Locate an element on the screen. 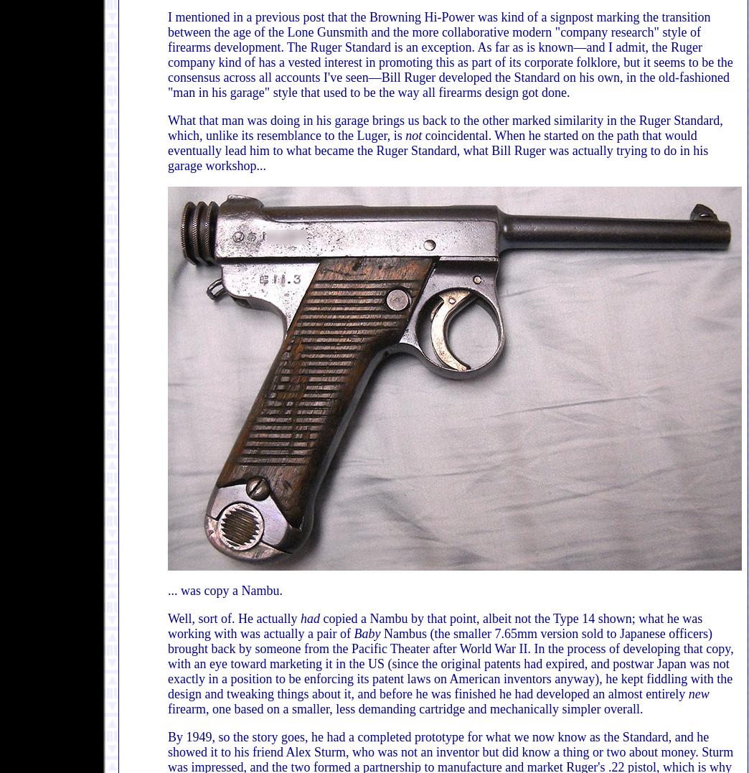 Image resolution: width=749 pixels, height=773 pixels. 'coincidental.  When he started on the path that would eventually lead him to what became the Ruger Standard, what Bill Ruger was actually trying to do in his garage workshop...' is located at coordinates (167, 151).